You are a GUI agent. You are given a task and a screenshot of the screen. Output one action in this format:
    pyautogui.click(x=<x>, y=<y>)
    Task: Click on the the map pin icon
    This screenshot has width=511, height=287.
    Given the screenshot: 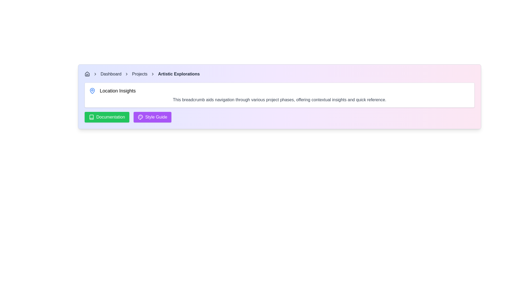 What is the action you would take?
    pyautogui.click(x=92, y=90)
    